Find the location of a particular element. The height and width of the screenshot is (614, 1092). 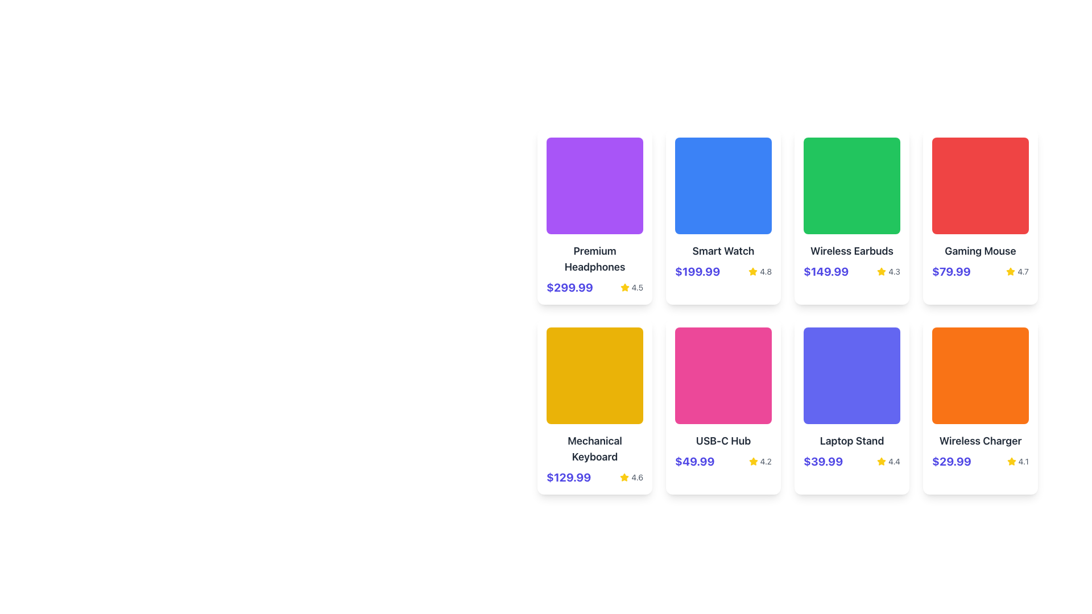

the price text label for the 'Smart Watch' product, which is located just below the 'Smart Watch' label and to the left of the rating component displaying '4.8' is located at coordinates (697, 272).